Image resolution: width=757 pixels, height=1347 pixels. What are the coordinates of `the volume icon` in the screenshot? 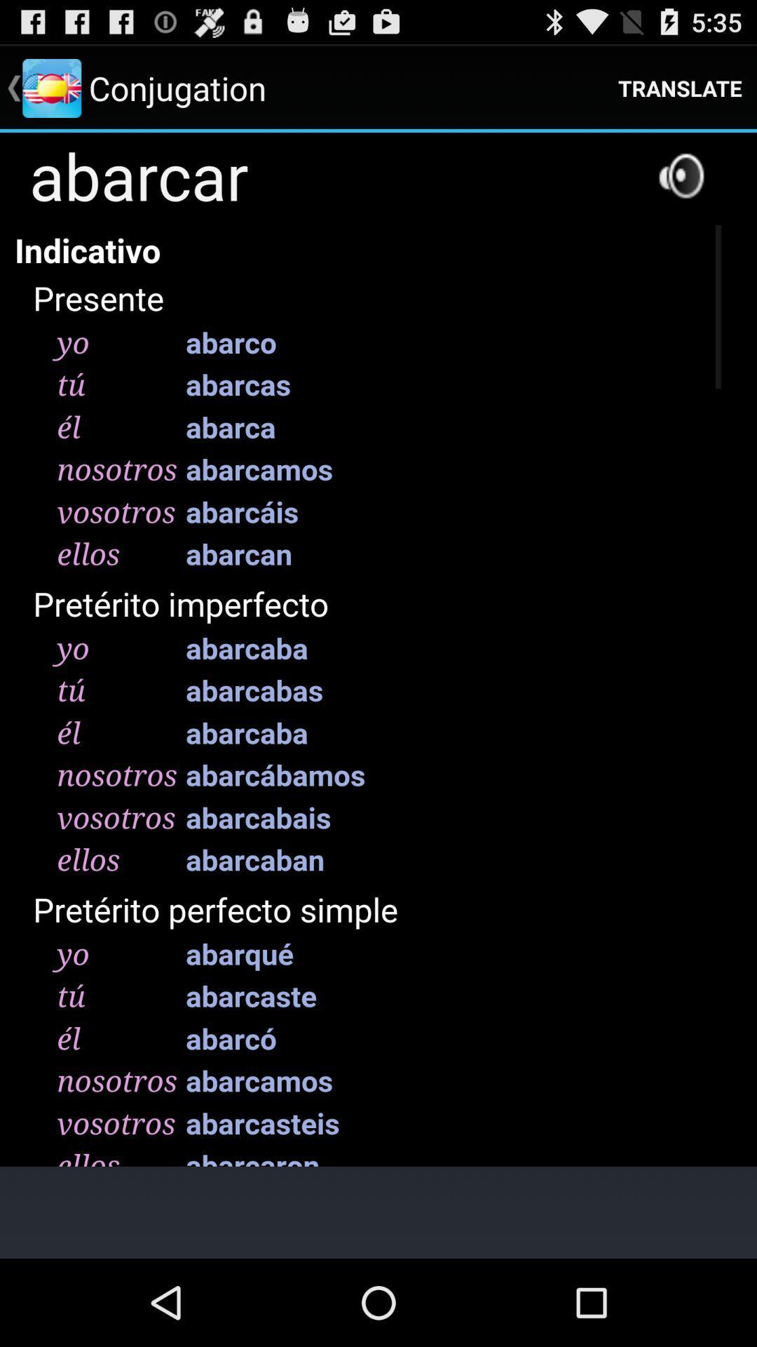 It's located at (681, 187).